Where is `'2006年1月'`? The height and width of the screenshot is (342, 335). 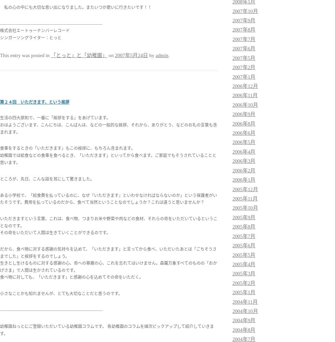
'2006年1月' is located at coordinates (244, 180).